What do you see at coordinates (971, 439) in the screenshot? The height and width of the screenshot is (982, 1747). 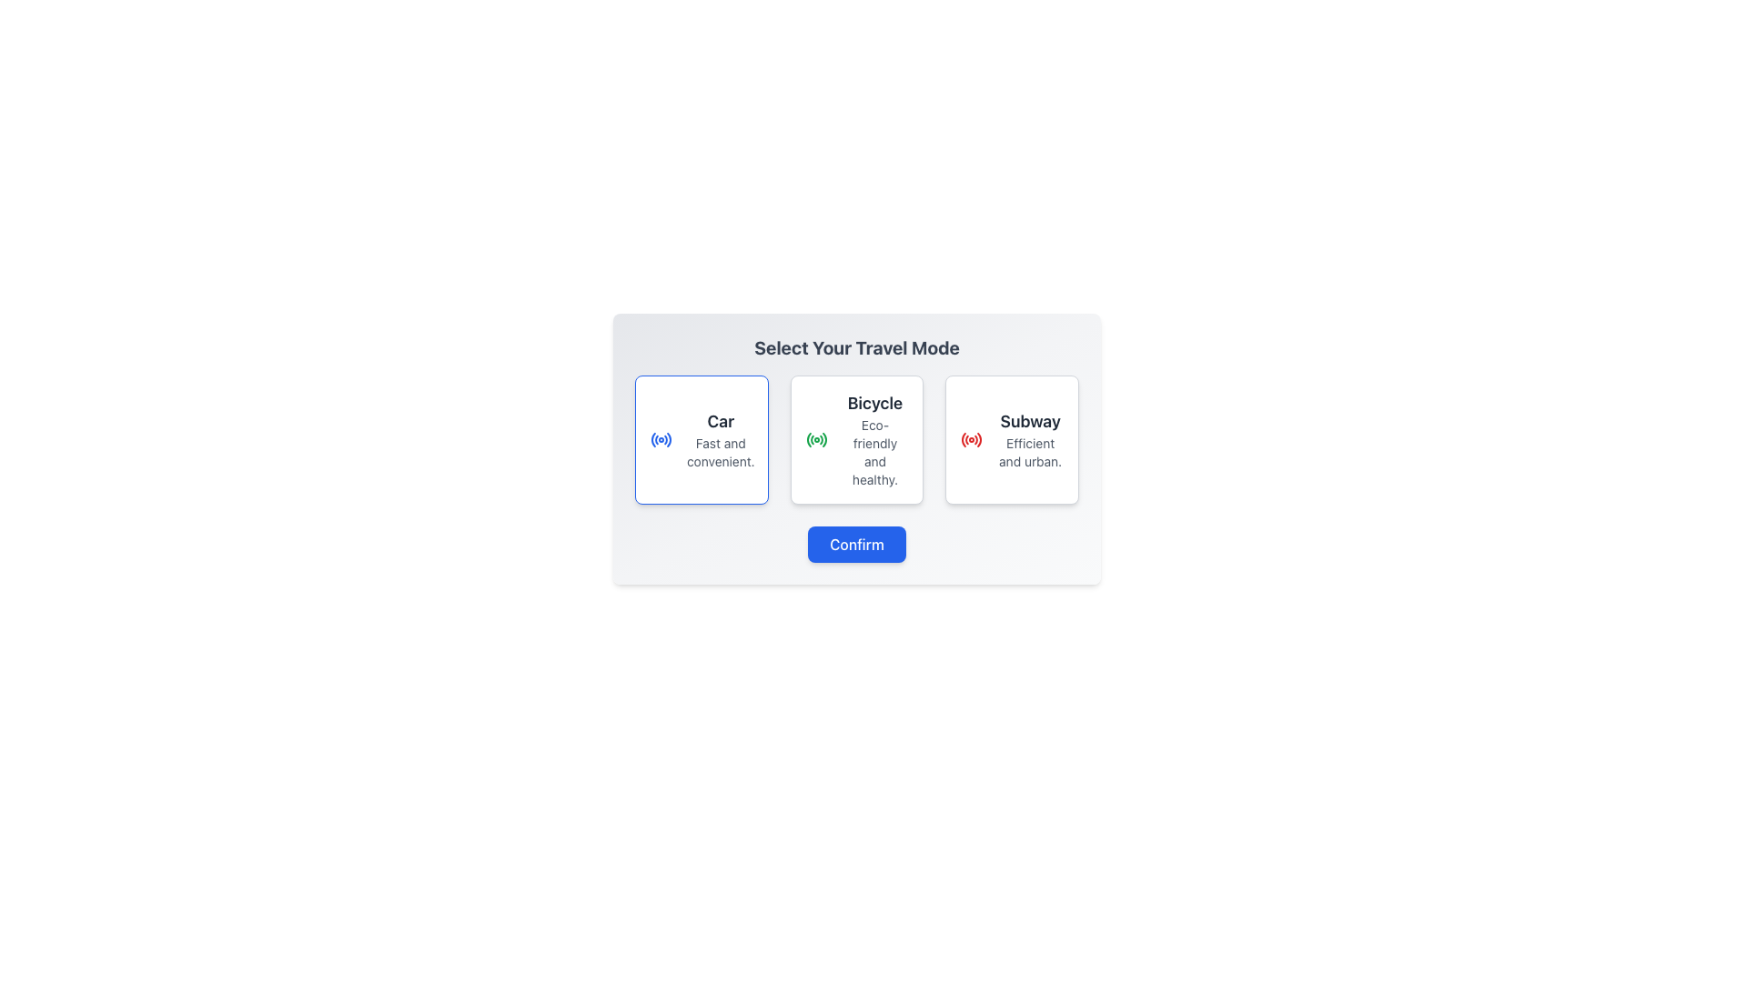 I see `the 'Subway' travel mode icon located at the top-left corner of the third card in the horizontal arrangement of travel mode cards` at bounding box center [971, 439].